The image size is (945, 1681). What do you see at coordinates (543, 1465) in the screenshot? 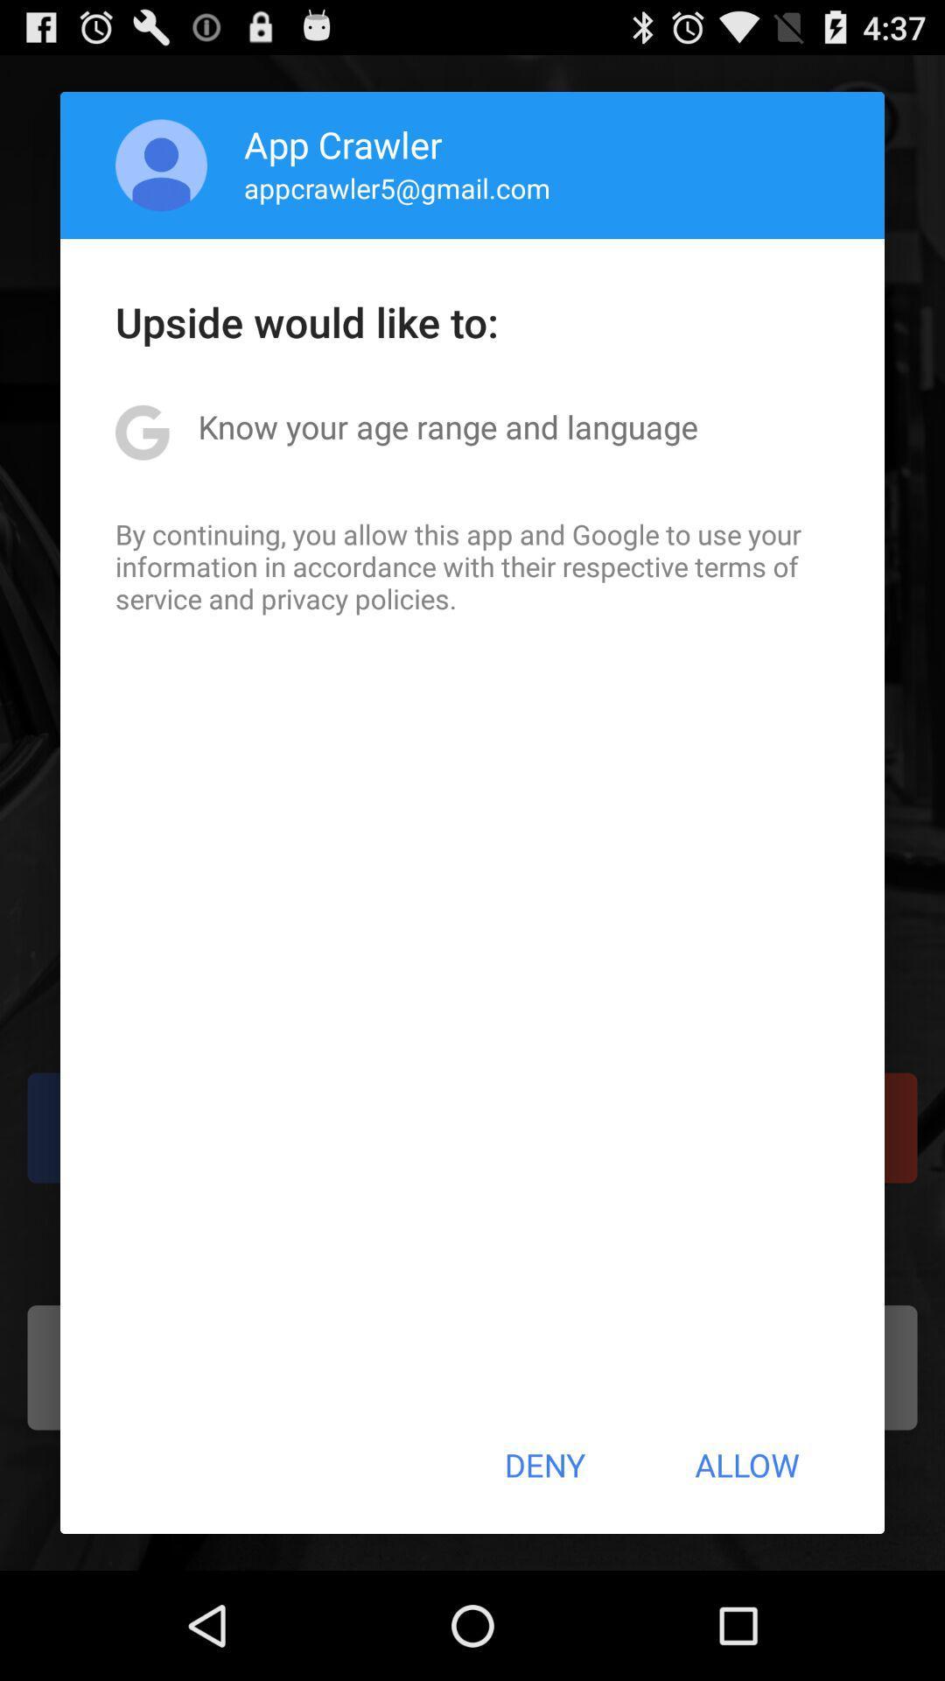
I see `item at the bottom` at bounding box center [543, 1465].